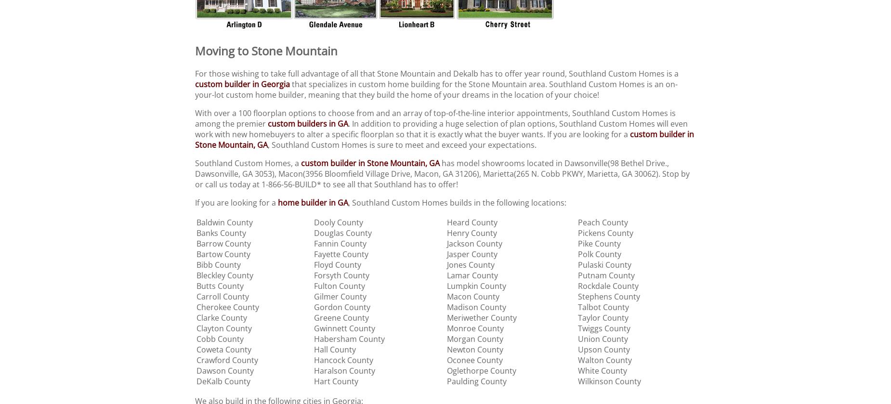 The height and width of the screenshot is (404, 891). I want to click on 'home builder in GA', so click(313, 202).